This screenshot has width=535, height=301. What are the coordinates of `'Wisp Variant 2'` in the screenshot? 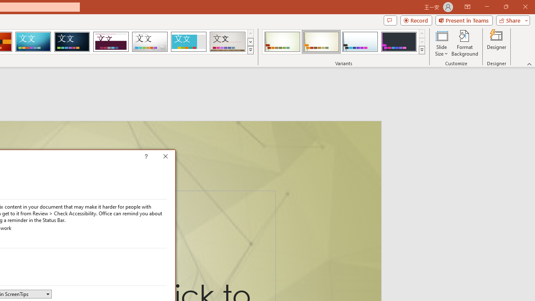 It's located at (321, 42).